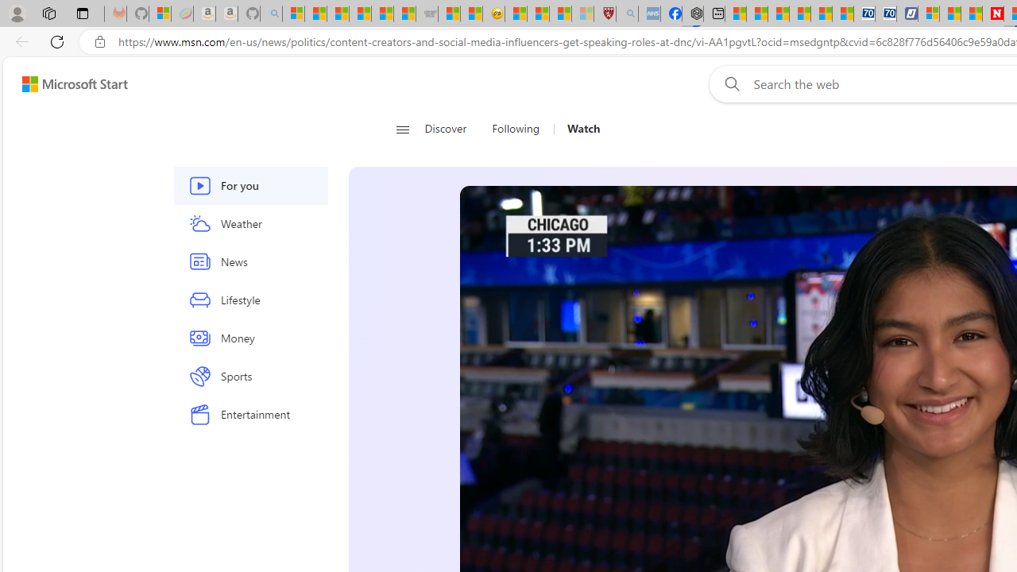 The image size is (1017, 572). What do you see at coordinates (884, 14) in the screenshot?
I see `'Cheap Hotels - Save70.com'` at bounding box center [884, 14].